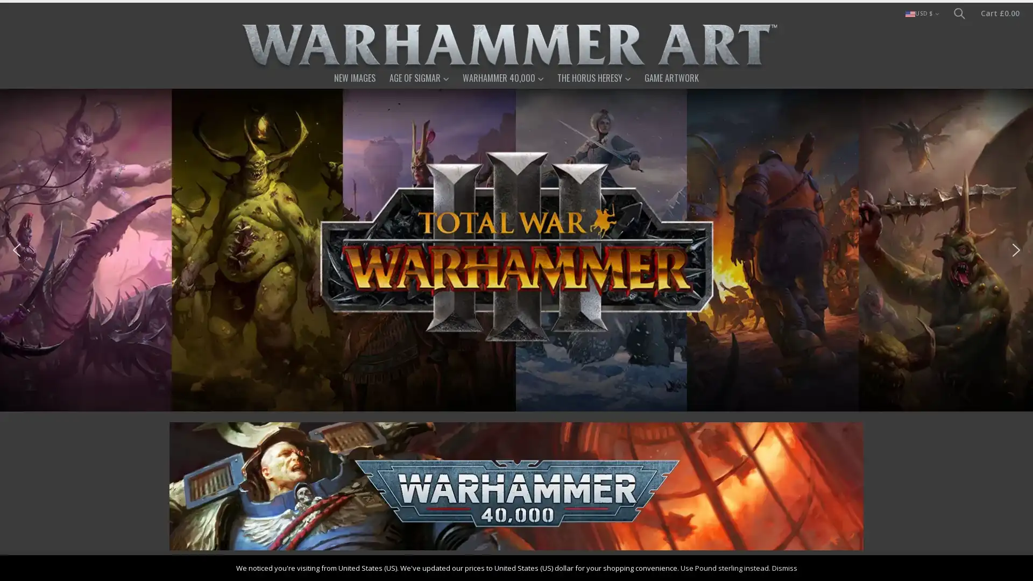 The image size is (1033, 581). What do you see at coordinates (1016, 249) in the screenshot?
I see `next arrow` at bounding box center [1016, 249].